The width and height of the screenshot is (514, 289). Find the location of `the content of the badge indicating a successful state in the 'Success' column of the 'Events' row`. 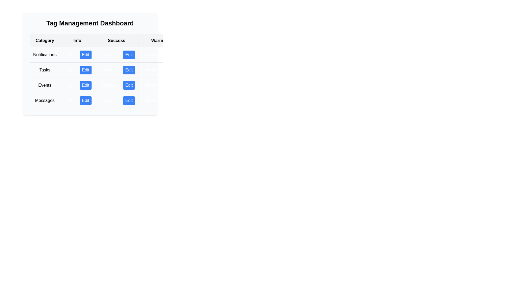

the content of the badge indicating a successful state in the 'Success' column of the 'Events' row is located at coordinates (109, 85).